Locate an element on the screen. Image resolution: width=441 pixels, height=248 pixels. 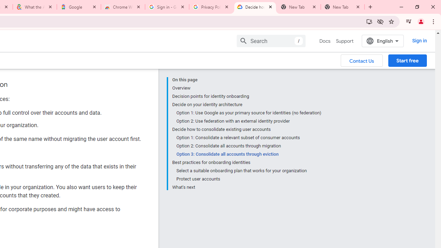
'English' is located at coordinates (382, 41).